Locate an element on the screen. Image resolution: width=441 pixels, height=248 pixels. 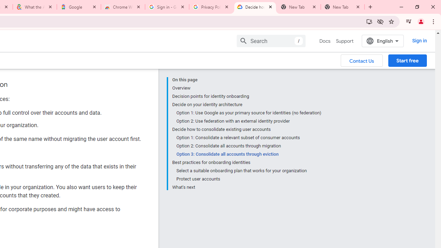
'English' is located at coordinates (382, 41).